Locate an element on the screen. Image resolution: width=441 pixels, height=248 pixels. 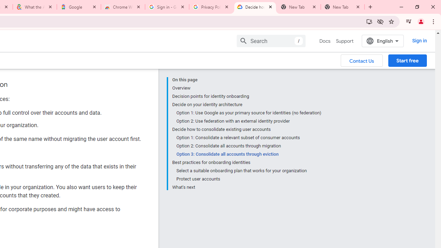
'English' is located at coordinates (382, 41).